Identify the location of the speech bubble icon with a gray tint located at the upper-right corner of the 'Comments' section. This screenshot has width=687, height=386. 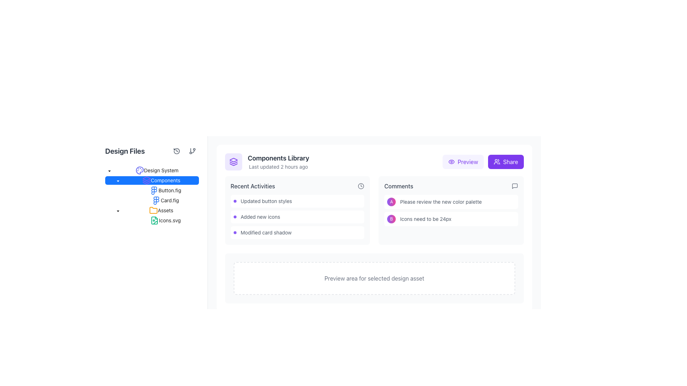
(515, 185).